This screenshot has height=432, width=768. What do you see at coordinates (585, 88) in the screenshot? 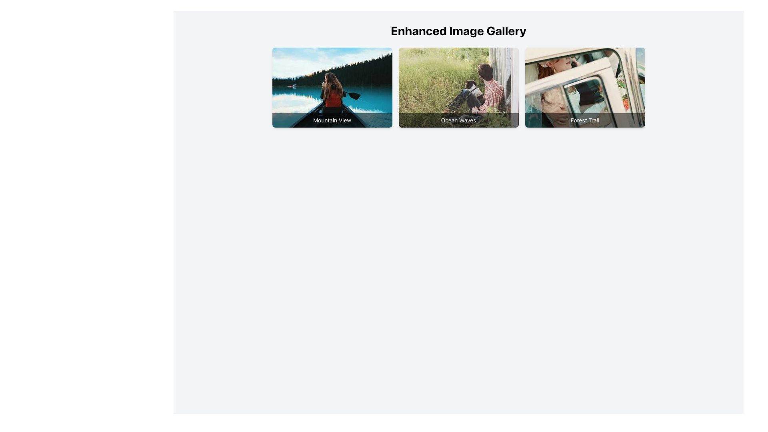
I see `the Image card with overlay text representing 'Forest Trail' located in the rightmost column of the grid layout` at bounding box center [585, 88].